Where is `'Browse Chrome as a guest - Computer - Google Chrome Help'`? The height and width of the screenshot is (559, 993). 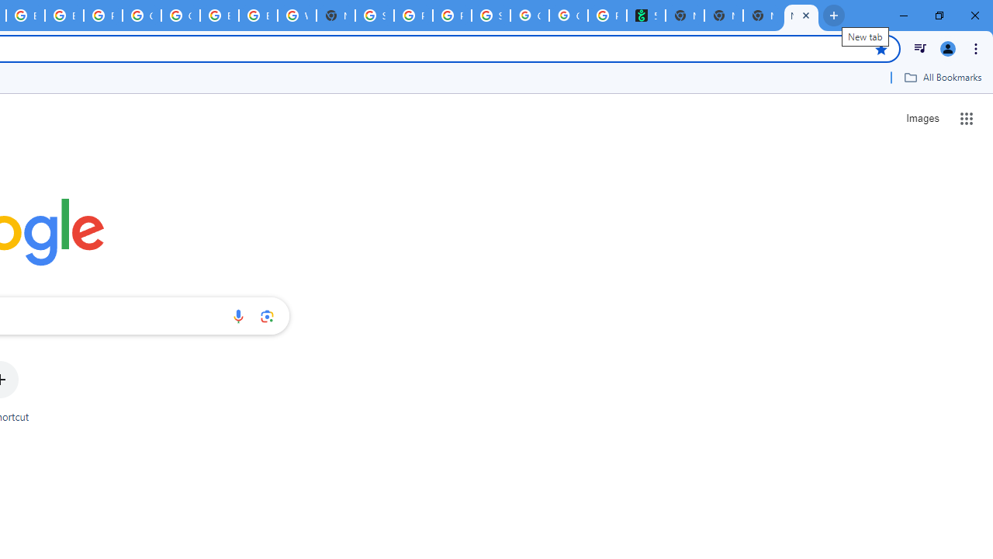 'Browse Chrome as a guest - Computer - Google Chrome Help' is located at coordinates (219, 16).